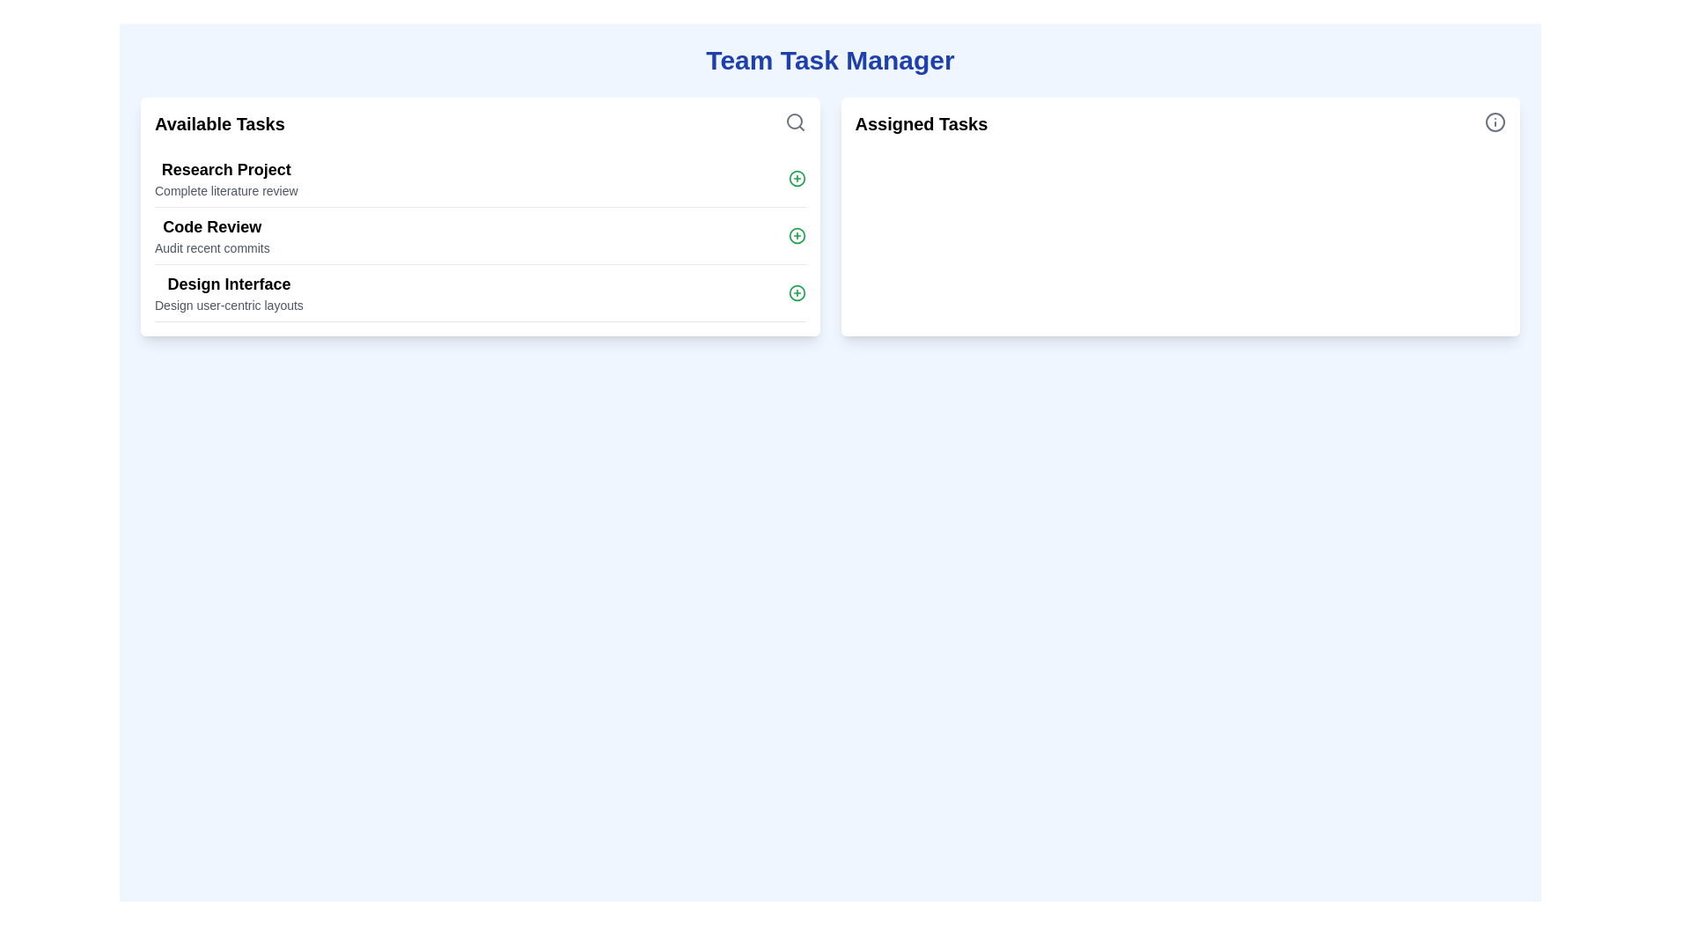 The width and height of the screenshot is (1690, 951). I want to click on the circular icon with a '+' symbol located at the top-right corner of the 'Available Tasks' card, so click(796, 179).